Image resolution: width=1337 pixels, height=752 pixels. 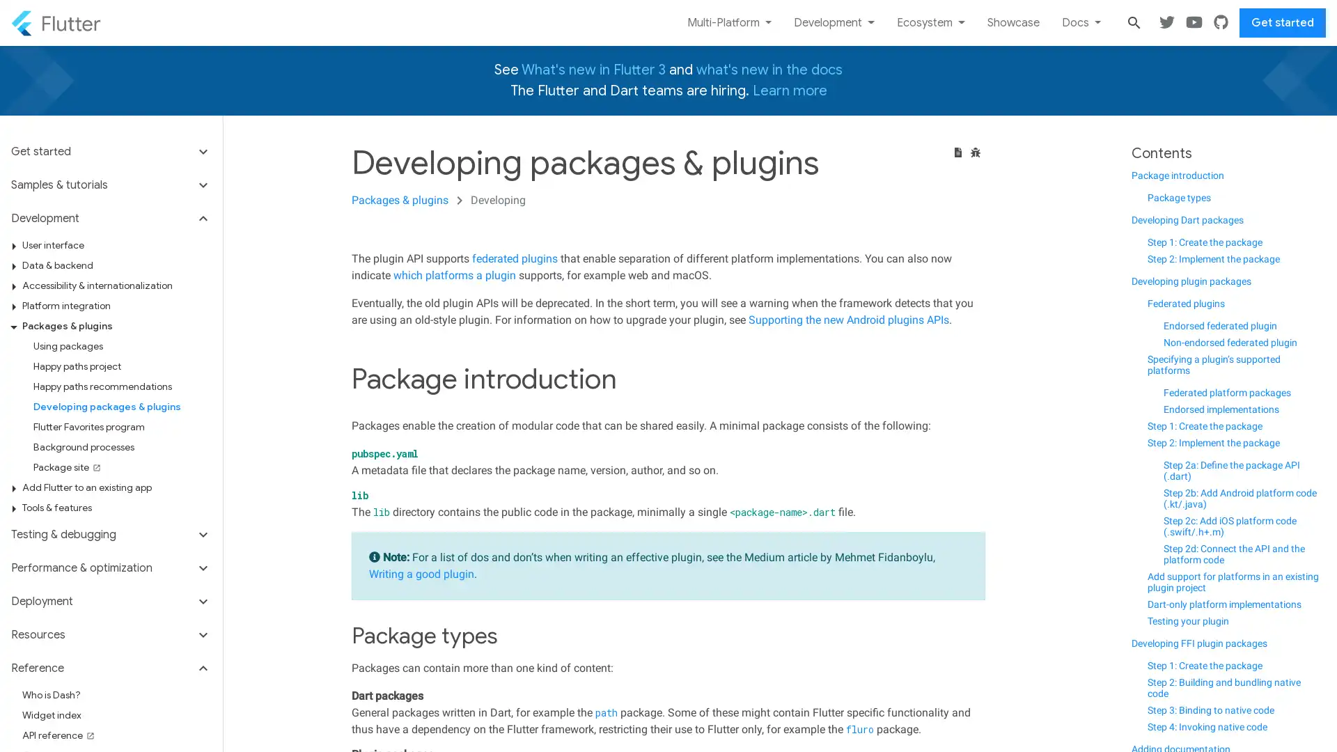 I want to click on arrow_drop_down Data & backend, so click(x=116, y=265).